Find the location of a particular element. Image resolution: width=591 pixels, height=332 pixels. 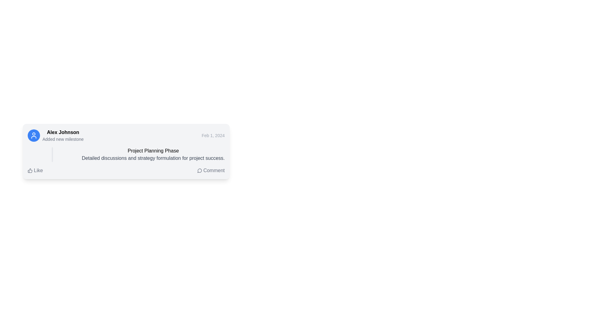

the circular user icon with a blue background located to the left of the text 'Alex Johnson Added new milestone' in the card's header is located at coordinates (34, 135).